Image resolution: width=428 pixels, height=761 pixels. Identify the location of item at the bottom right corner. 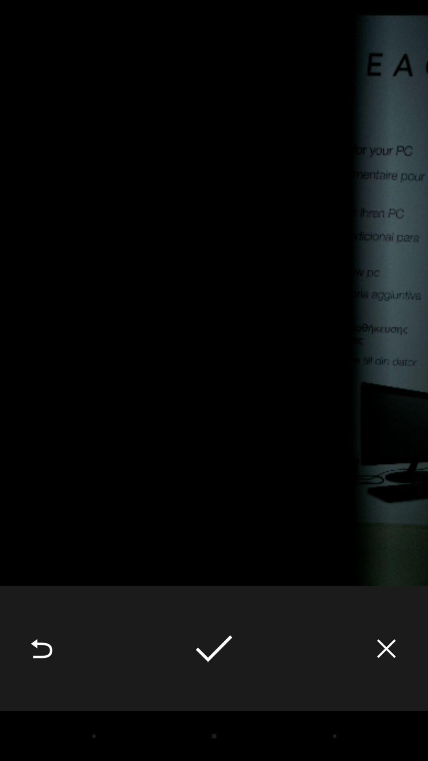
(386, 648).